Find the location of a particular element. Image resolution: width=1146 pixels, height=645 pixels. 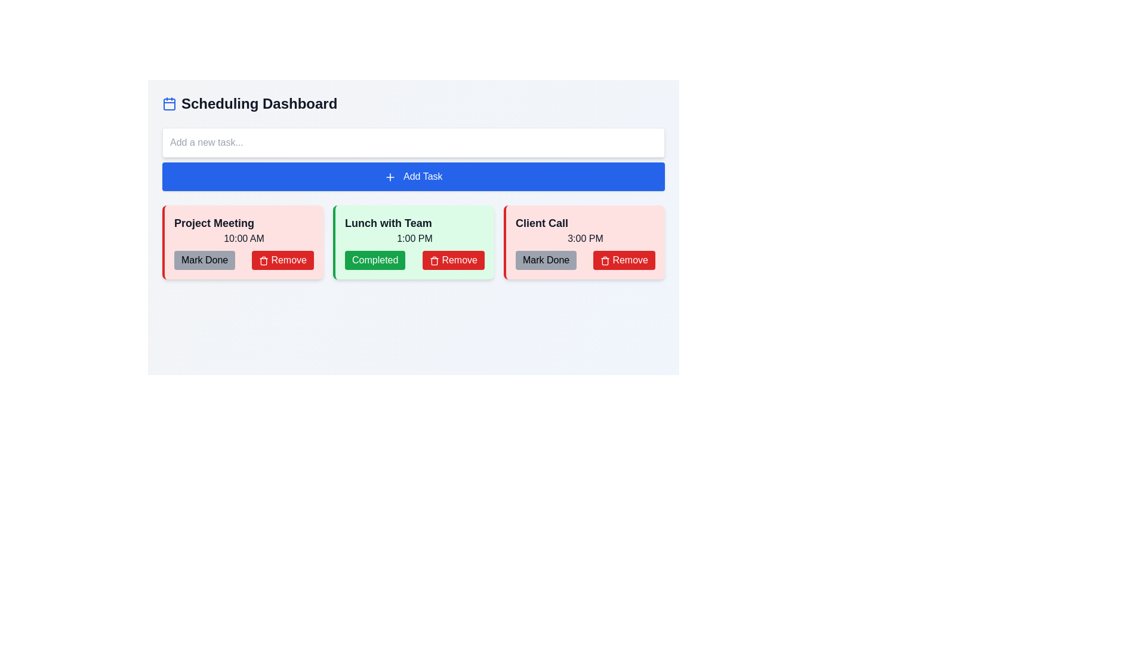

the text label that contains 'Lunch with Team', which is displayed in bold and larger font on a light green background is located at coordinates (415, 223).